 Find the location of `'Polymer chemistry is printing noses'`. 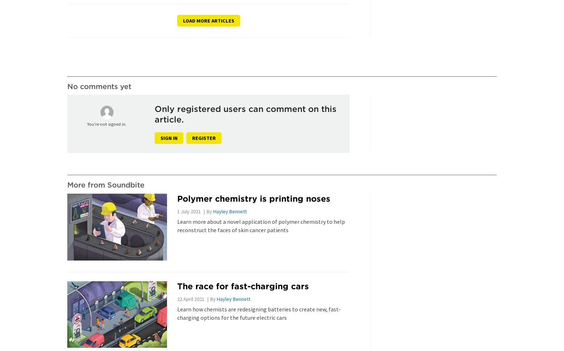

'Polymer chemistry is printing noses' is located at coordinates (253, 198).